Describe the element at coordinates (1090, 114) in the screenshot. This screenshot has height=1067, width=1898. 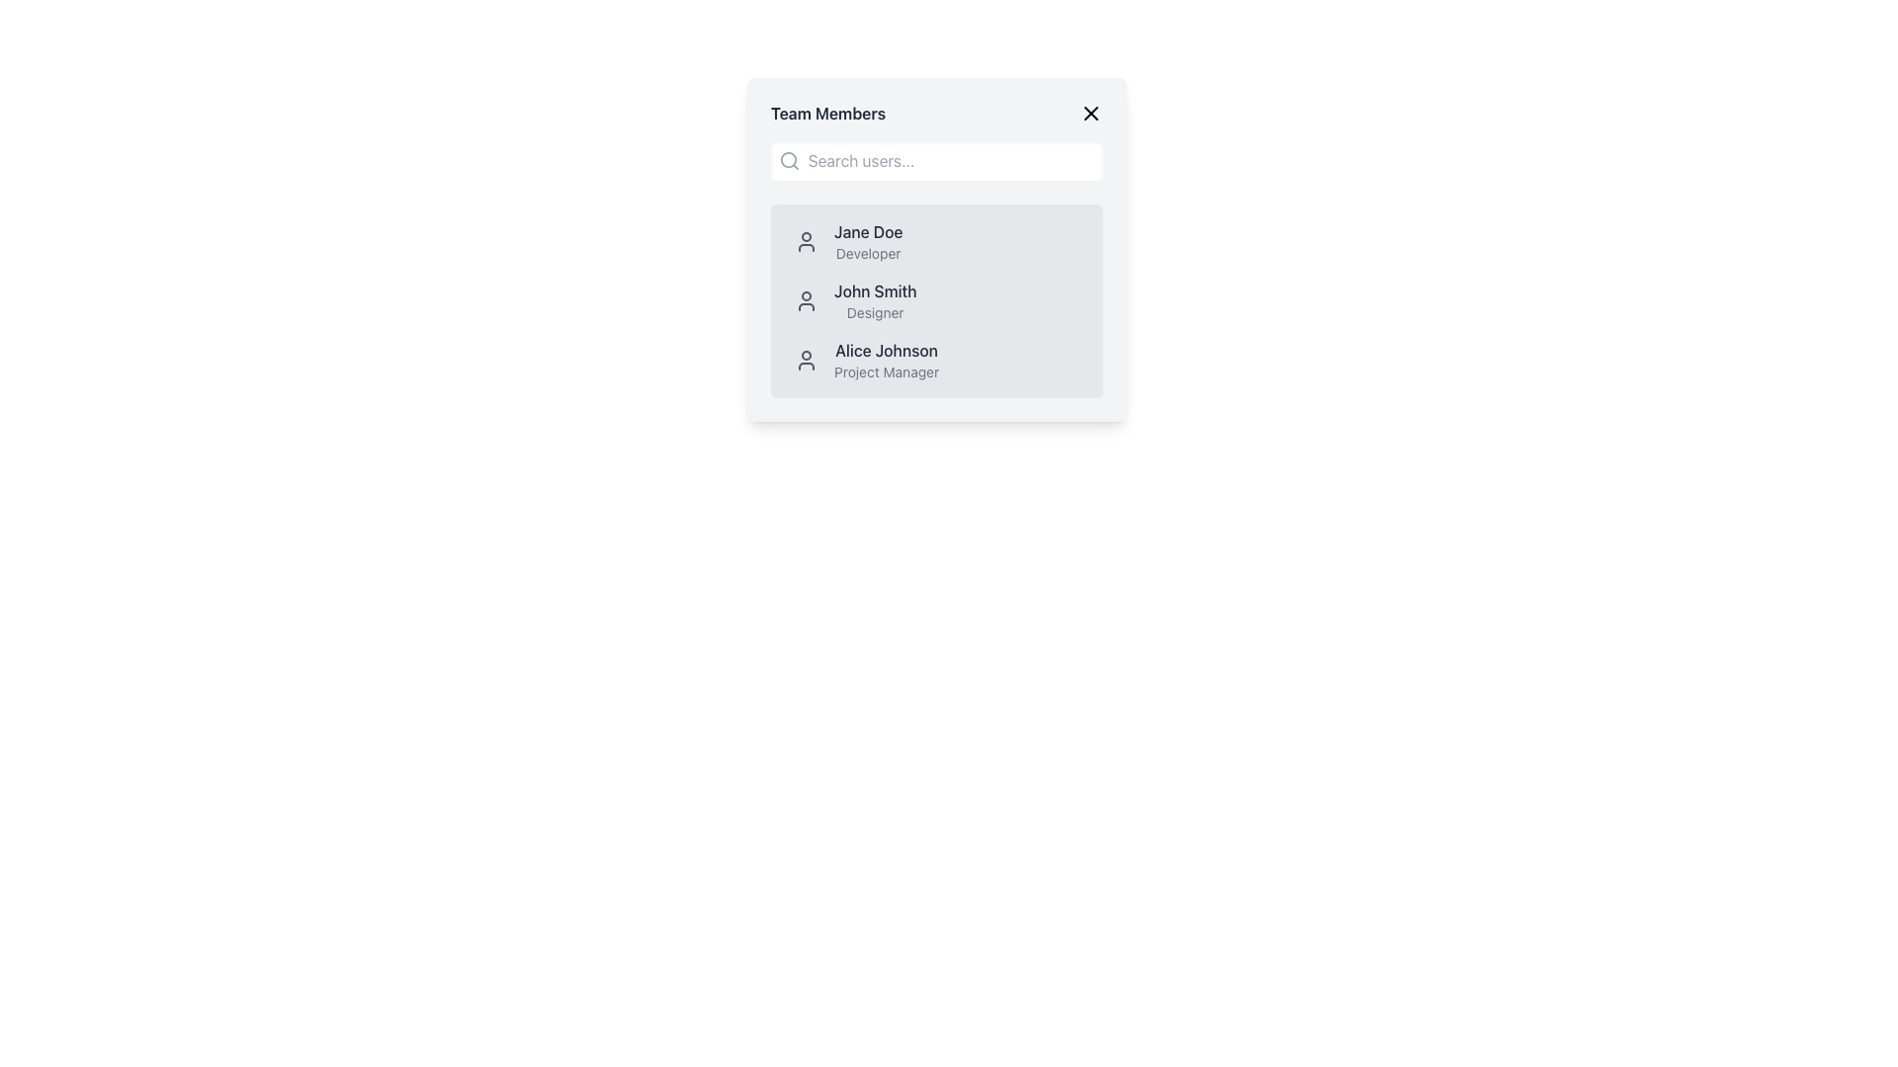
I see `the small black 'X' icon button located in the top-right corner of the 'Team Members' card` at that location.